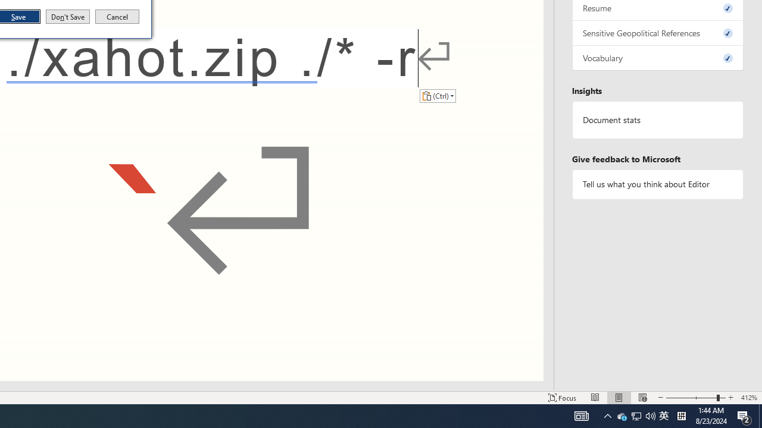  What do you see at coordinates (657, 58) in the screenshot?
I see `'Vocabulary, 0 issues. Press space or enter to review items.'` at bounding box center [657, 58].